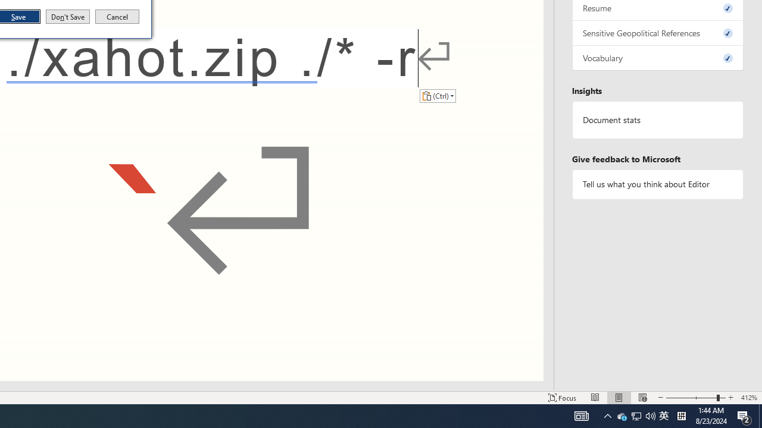  What do you see at coordinates (657, 58) in the screenshot?
I see `'Vocabulary, 0 issues. Press space or enter to review items.'` at bounding box center [657, 58].